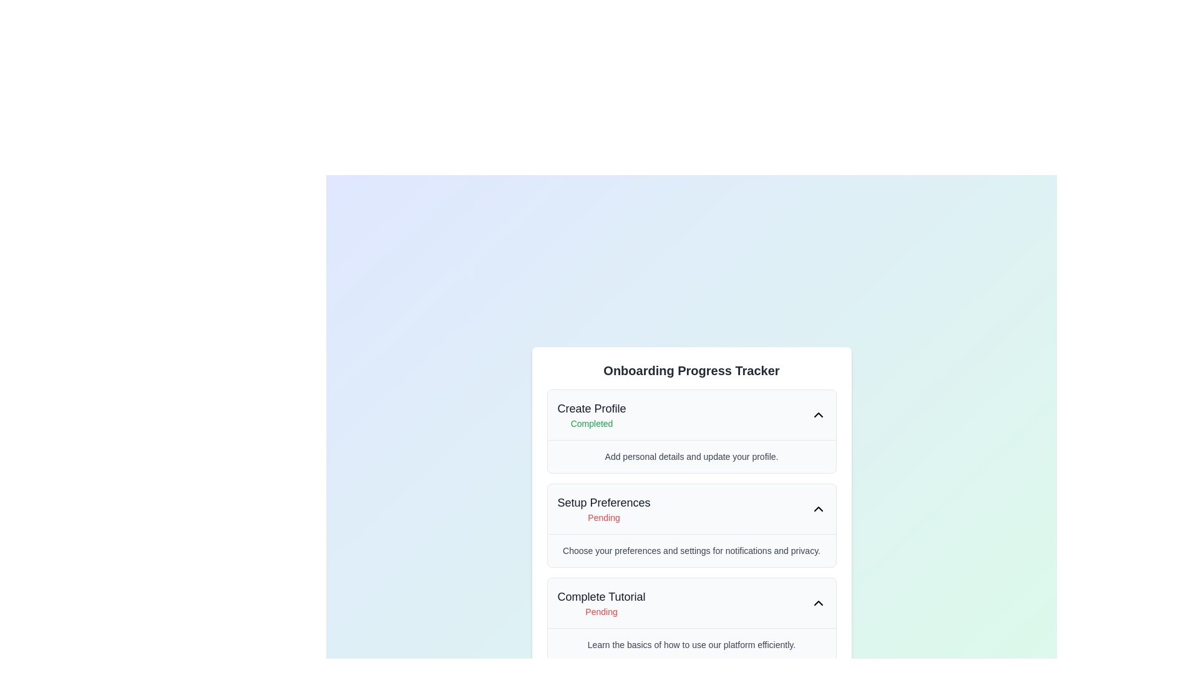 The image size is (1198, 673). Describe the element at coordinates (818, 508) in the screenshot. I see `the Chevron toggle button located in the top-right corner of the 'Setup Preferences' section` at that location.